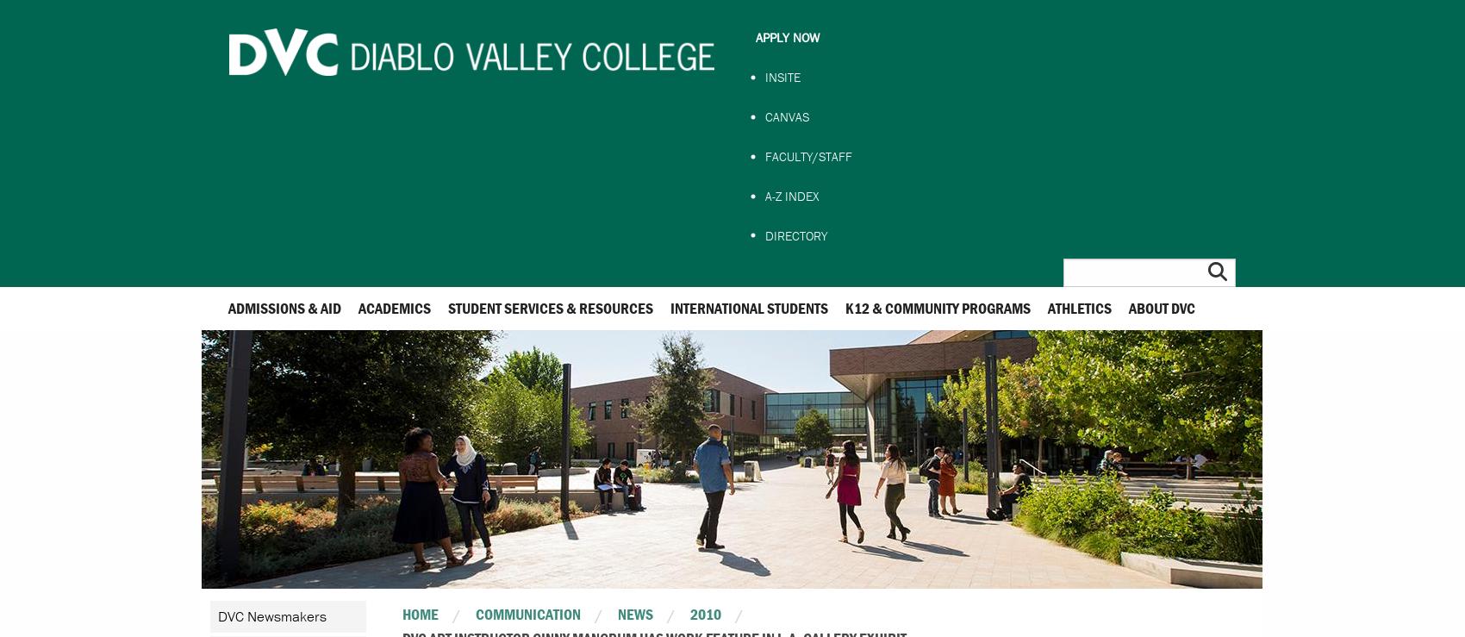  What do you see at coordinates (764, 116) in the screenshot?
I see `'Canvas'` at bounding box center [764, 116].